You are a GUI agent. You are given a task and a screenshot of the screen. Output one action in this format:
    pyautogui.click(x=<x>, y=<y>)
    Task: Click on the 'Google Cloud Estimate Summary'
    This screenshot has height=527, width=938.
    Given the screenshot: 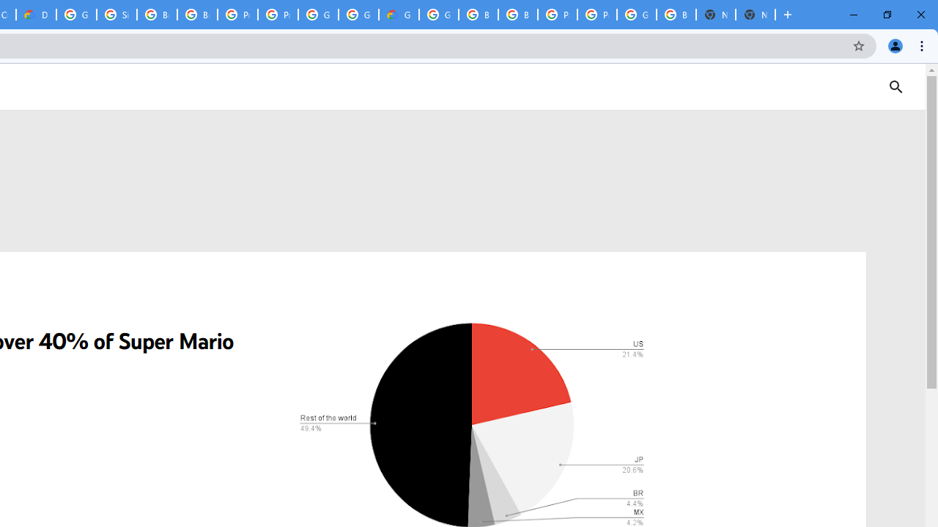 What is the action you would take?
    pyautogui.click(x=399, y=15)
    